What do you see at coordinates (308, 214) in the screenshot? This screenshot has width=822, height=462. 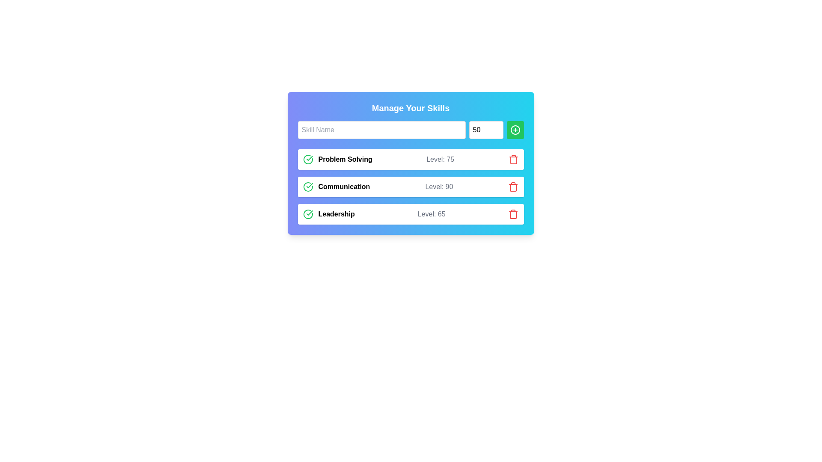 I see `the circular green check icon located to the left of the text 'Leadership', which has a bold green outline and a white background` at bounding box center [308, 214].